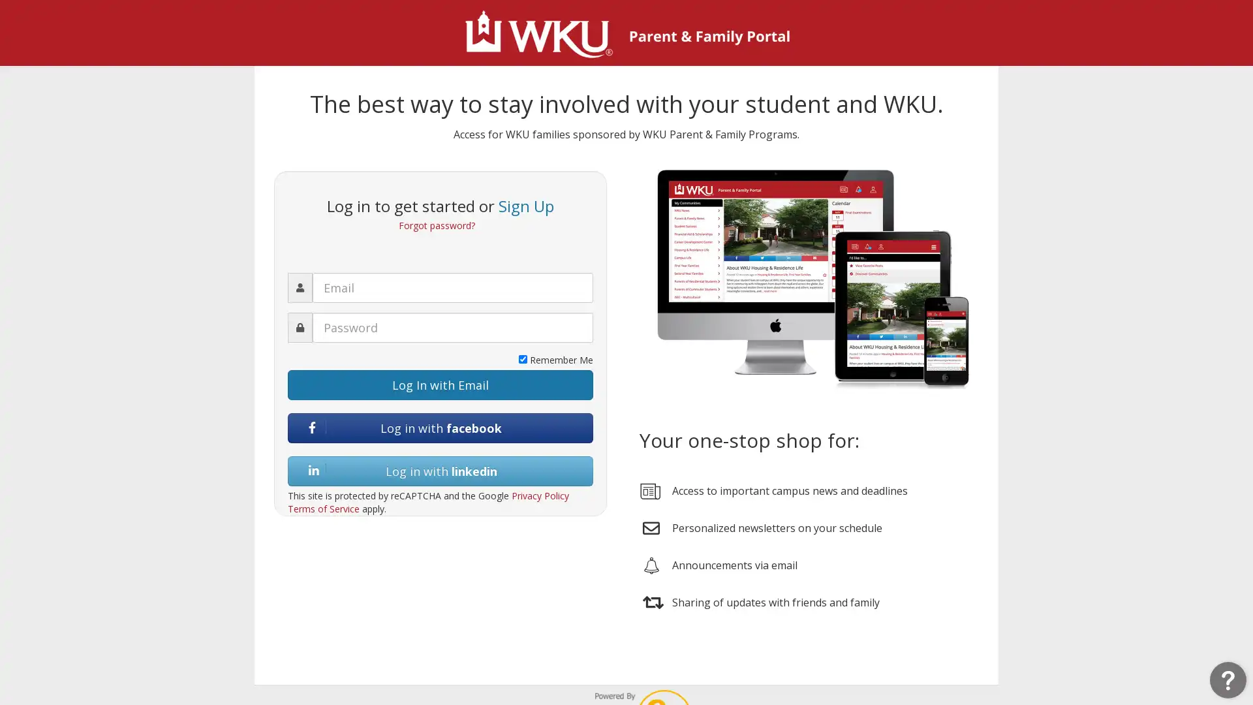 This screenshot has width=1253, height=705. What do you see at coordinates (441, 384) in the screenshot?
I see `Log In with Email` at bounding box center [441, 384].